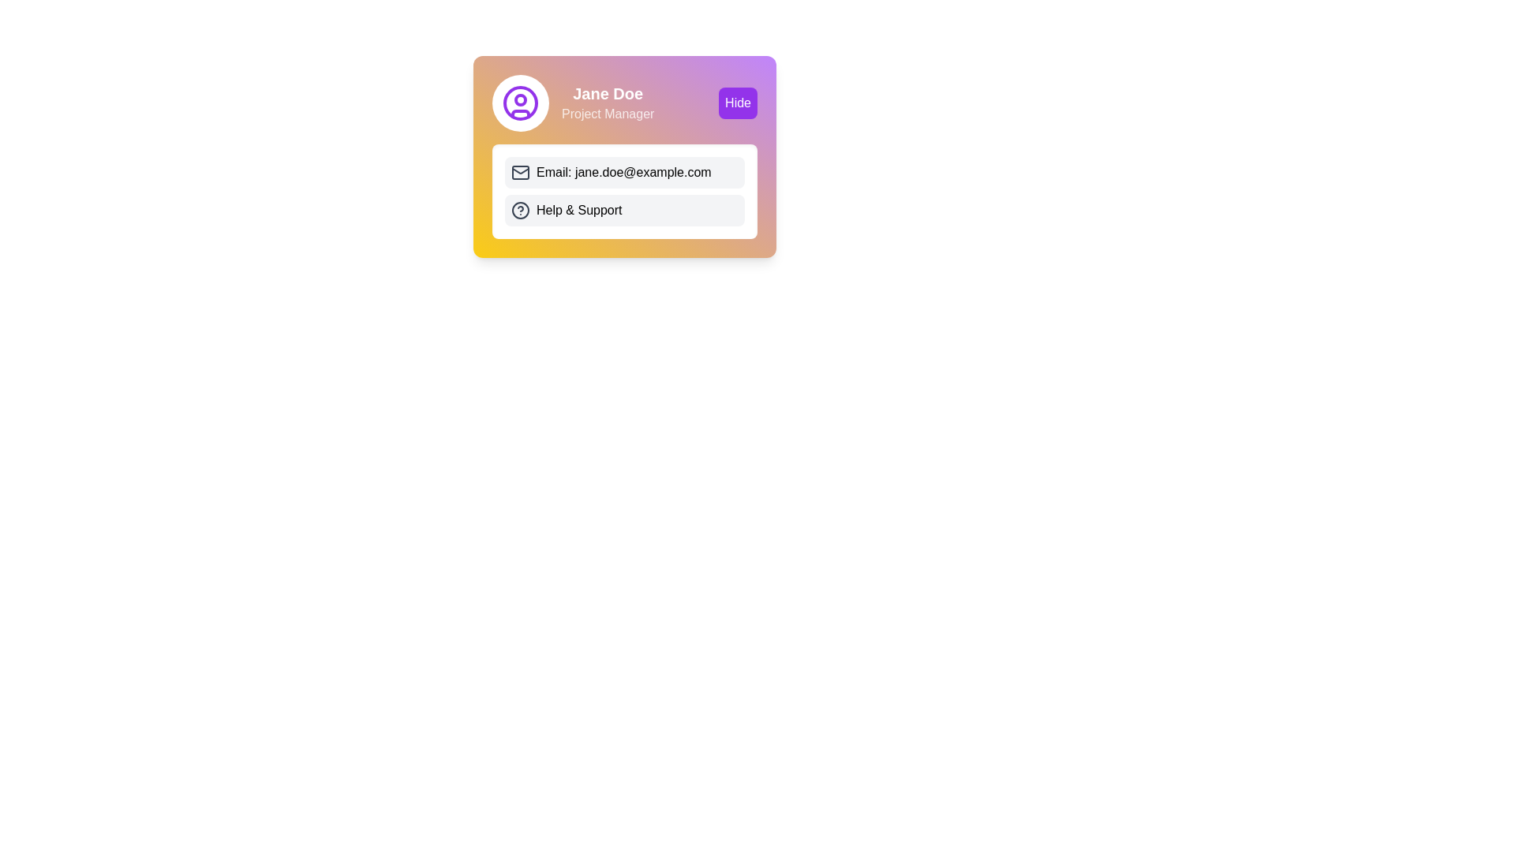  I want to click on the 'Hide' button with a purple background and white text located in the top-right corner of the profile information for Jane Doe, so click(737, 103).